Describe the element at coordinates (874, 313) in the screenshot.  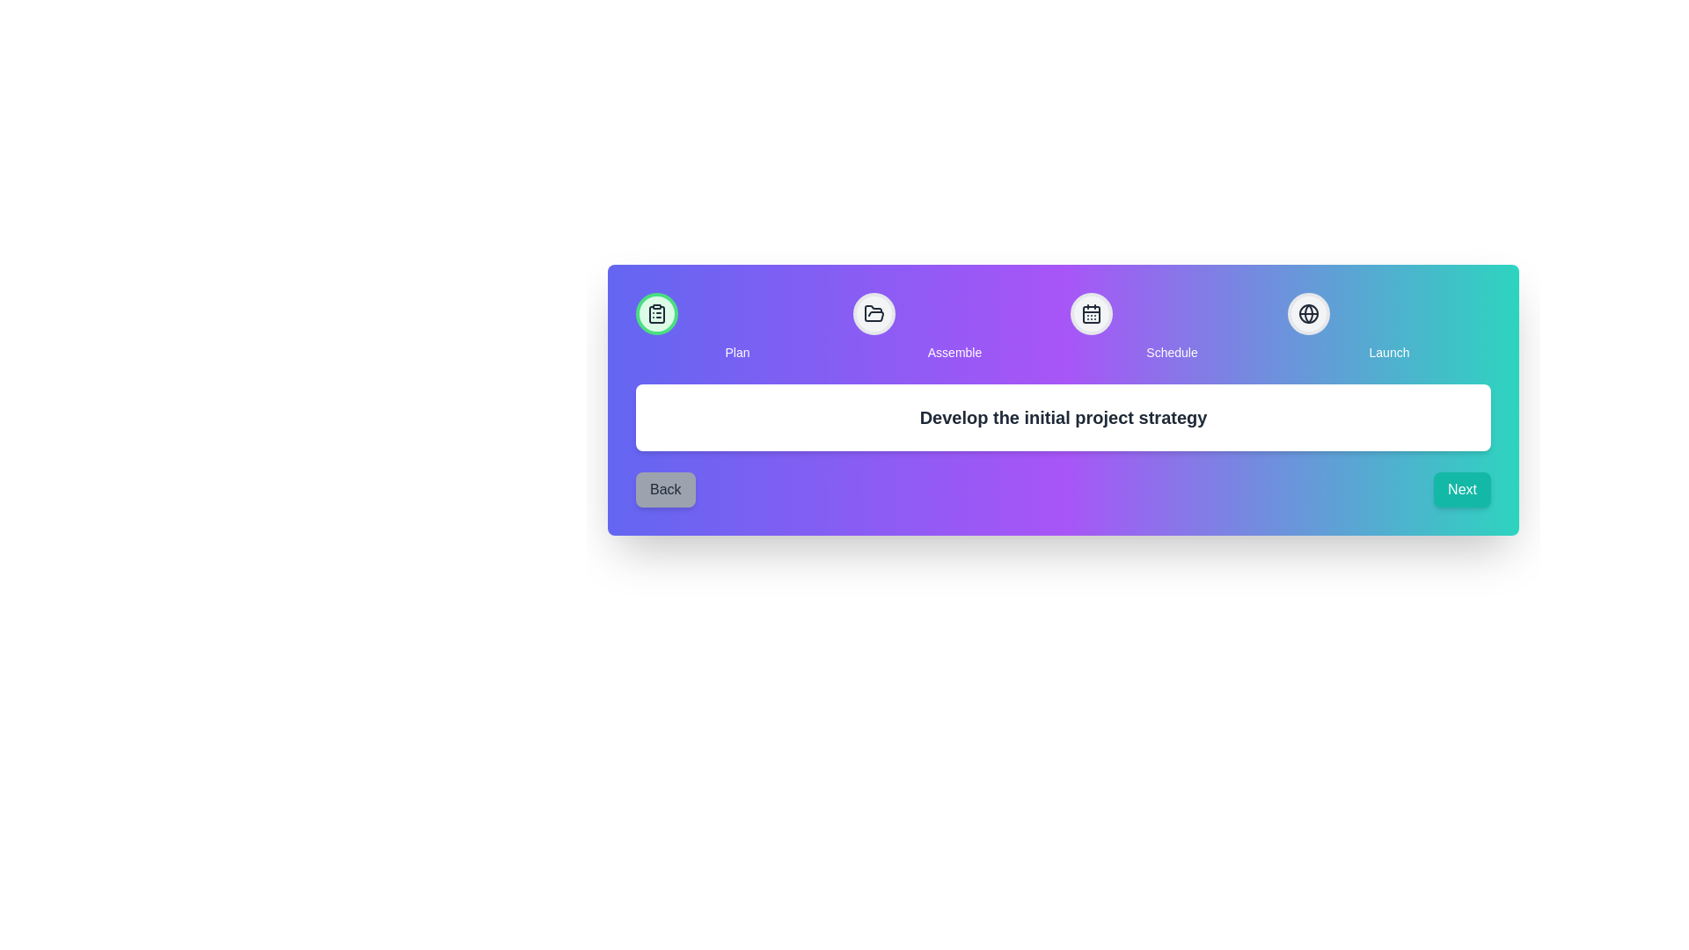
I see `the step Assemble to interact with it` at that location.